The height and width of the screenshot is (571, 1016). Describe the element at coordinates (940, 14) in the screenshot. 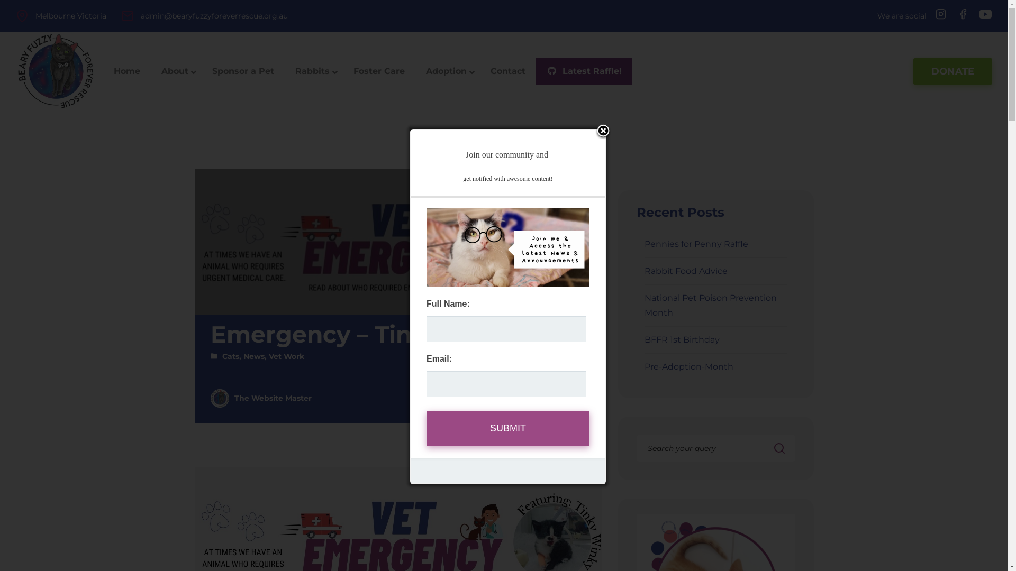

I see `'Instagram'` at that location.